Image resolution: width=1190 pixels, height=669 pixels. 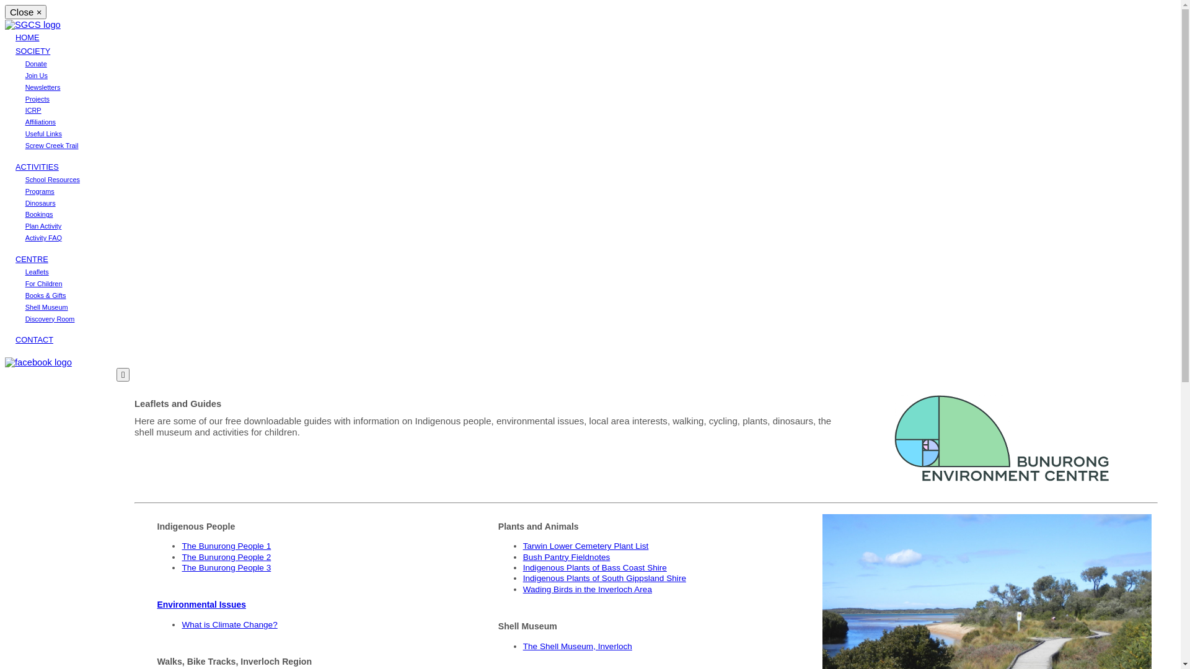 I want to click on 'For Children', so click(x=44, y=284).